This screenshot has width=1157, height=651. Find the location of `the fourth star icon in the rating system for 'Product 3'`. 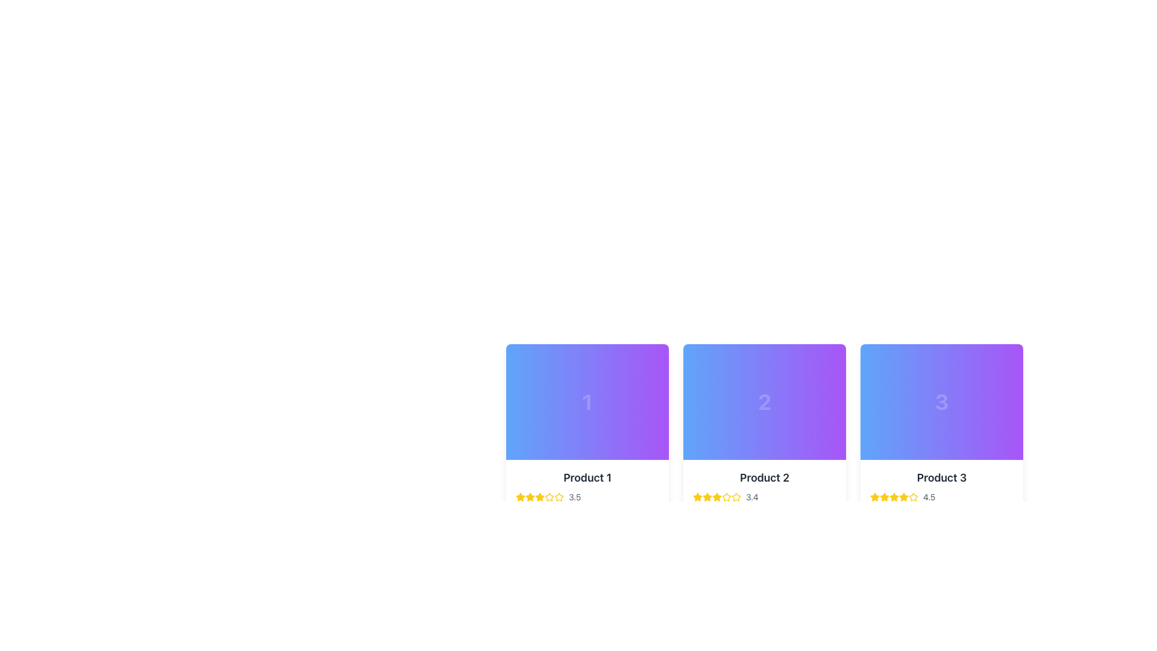

the fourth star icon in the rating system for 'Product 3' is located at coordinates (903, 497).